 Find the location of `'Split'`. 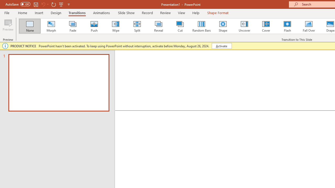

'Split' is located at coordinates (137, 26).